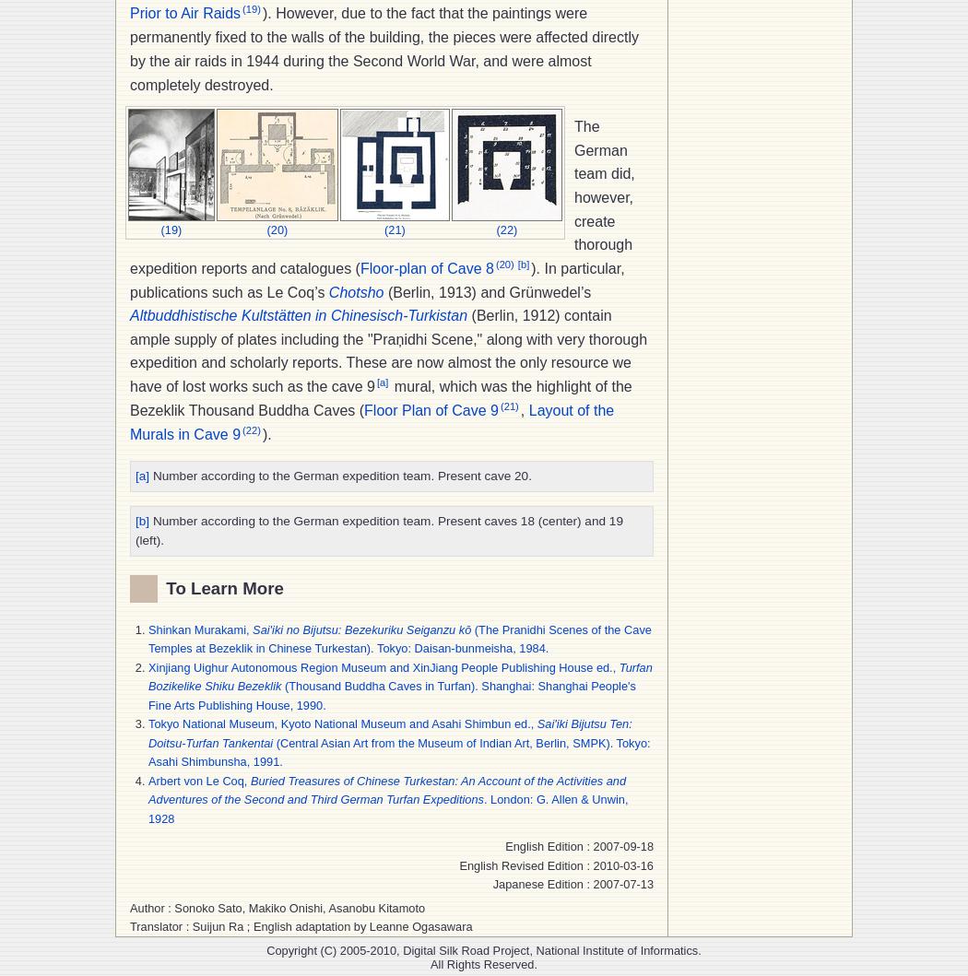 The height and width of the screenshot is (976, 968). Describe the element at coordinates (129, 350) in the screenshot. I see `'(Berlin, 1912) contain ample supply of plates including the "Praņidhi Scene," along with very thorough expedition and scholarly reports. These are now almost the only resource we have of lost works such as the cave 9'` at that location.